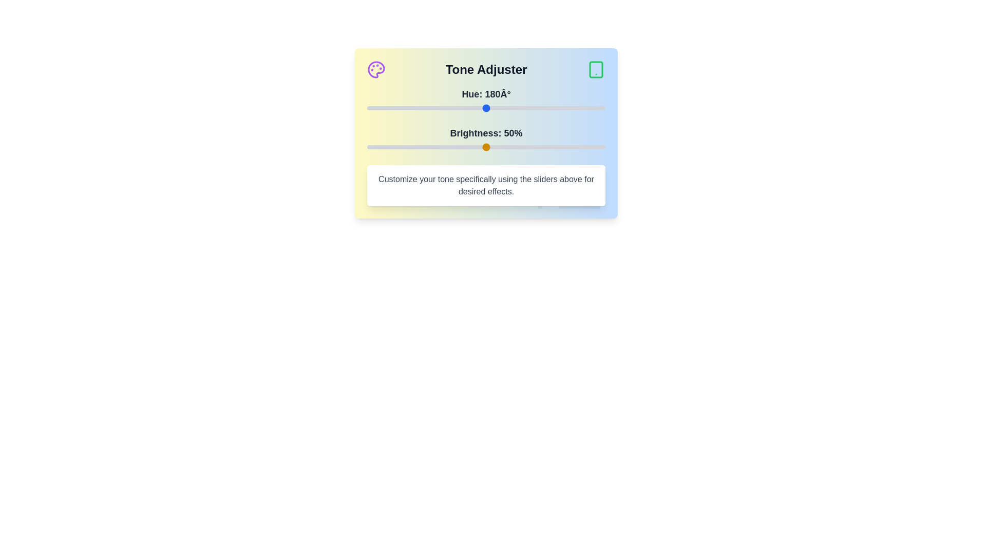 This screenshot has height=554, width=986. What do you see at coordinates (580, 108) in the screenshot?
I see `the hue slider to set the hue to 322 degrees` at bounding box center [580, 108].